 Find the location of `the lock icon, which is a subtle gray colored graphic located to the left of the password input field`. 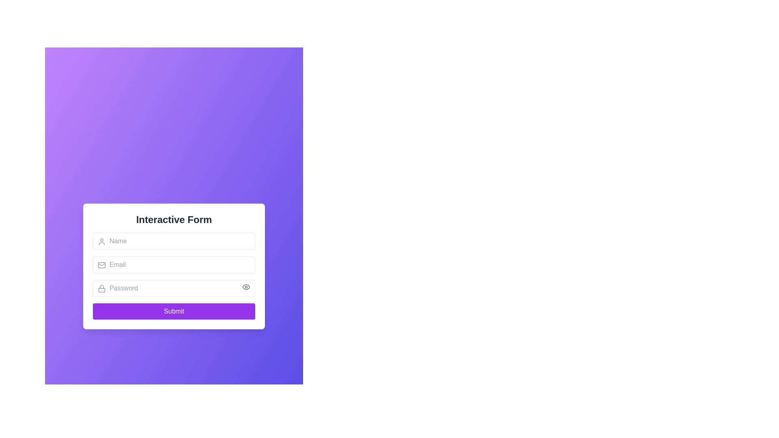

the lock icon, which is a subtle gray colored graphic located to the left of the password input field is located at coordinates (101, 288).